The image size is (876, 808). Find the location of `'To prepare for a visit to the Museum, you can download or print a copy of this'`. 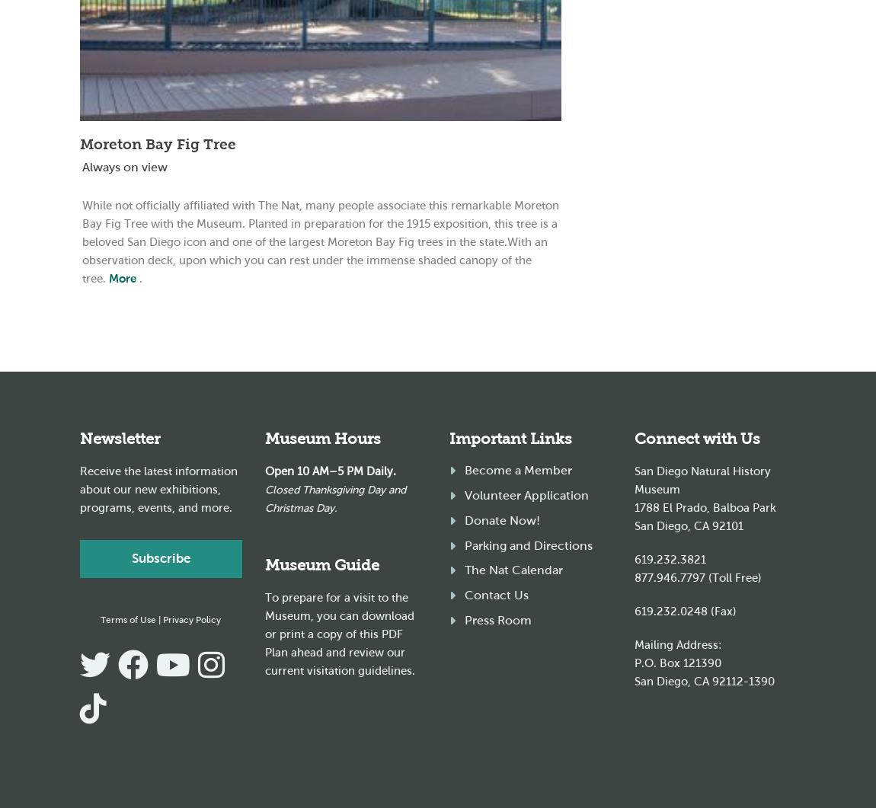

'To prepare for a visit to the Museum, you can download or print a copy of this' is located at coordinates (339, 616).